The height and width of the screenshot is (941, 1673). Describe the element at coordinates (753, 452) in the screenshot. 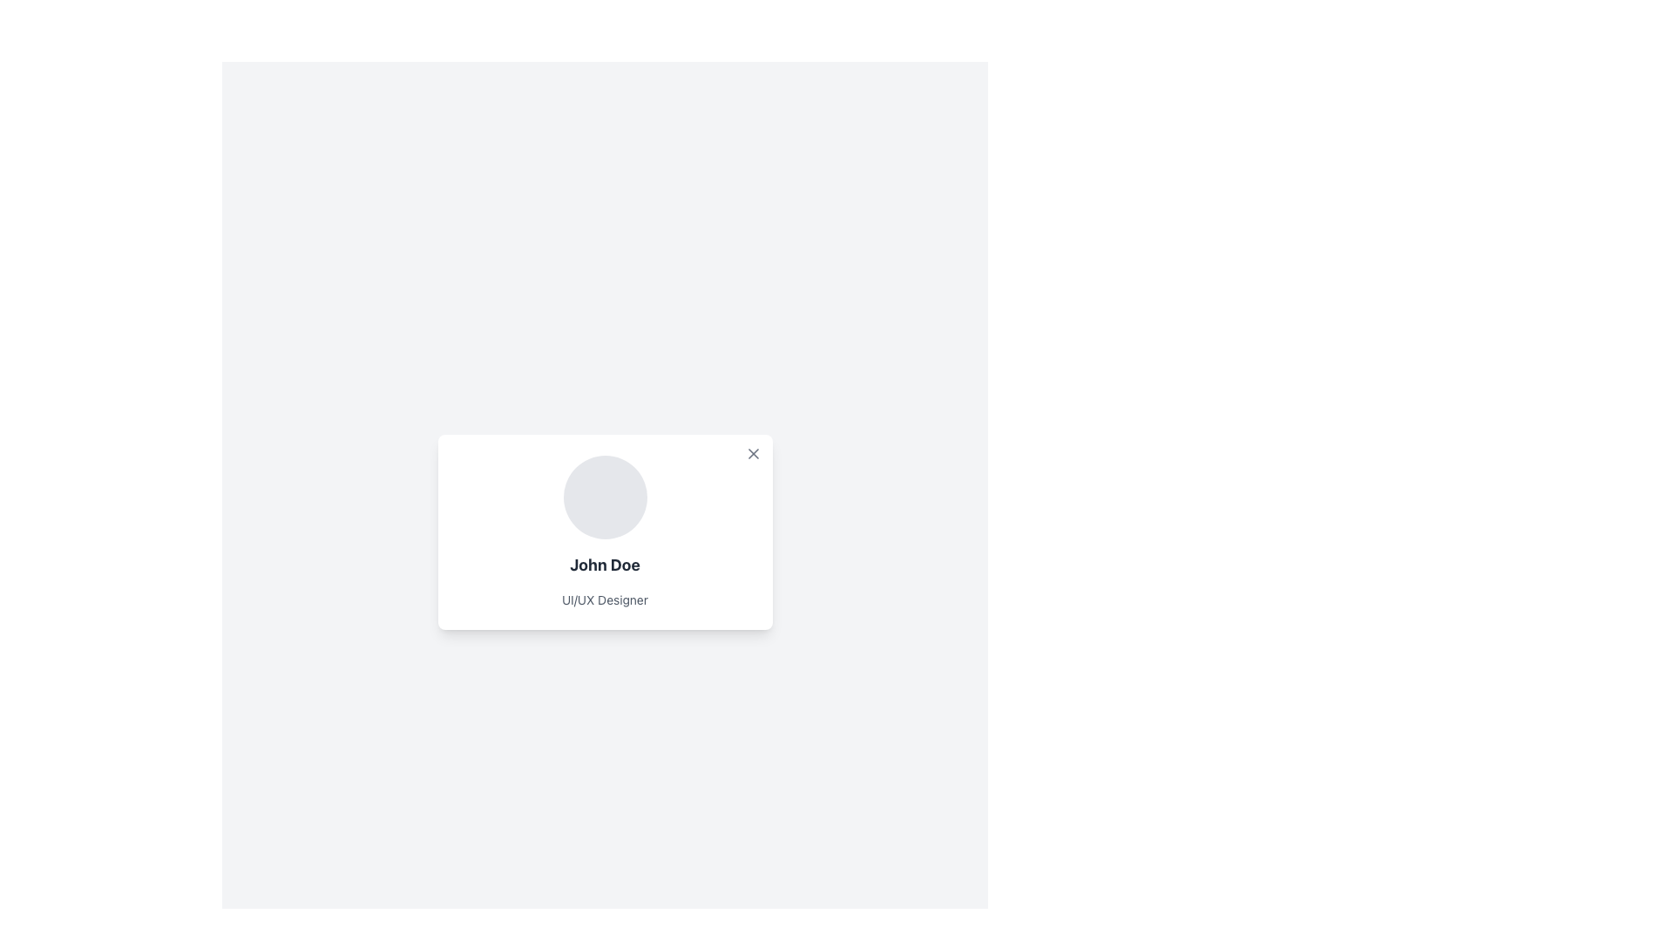

I see `the close button located in the top-right corner of the card containing the profile of 'John Doe' and 'UI/UX Designer' for interactivity highlighting` at that location.